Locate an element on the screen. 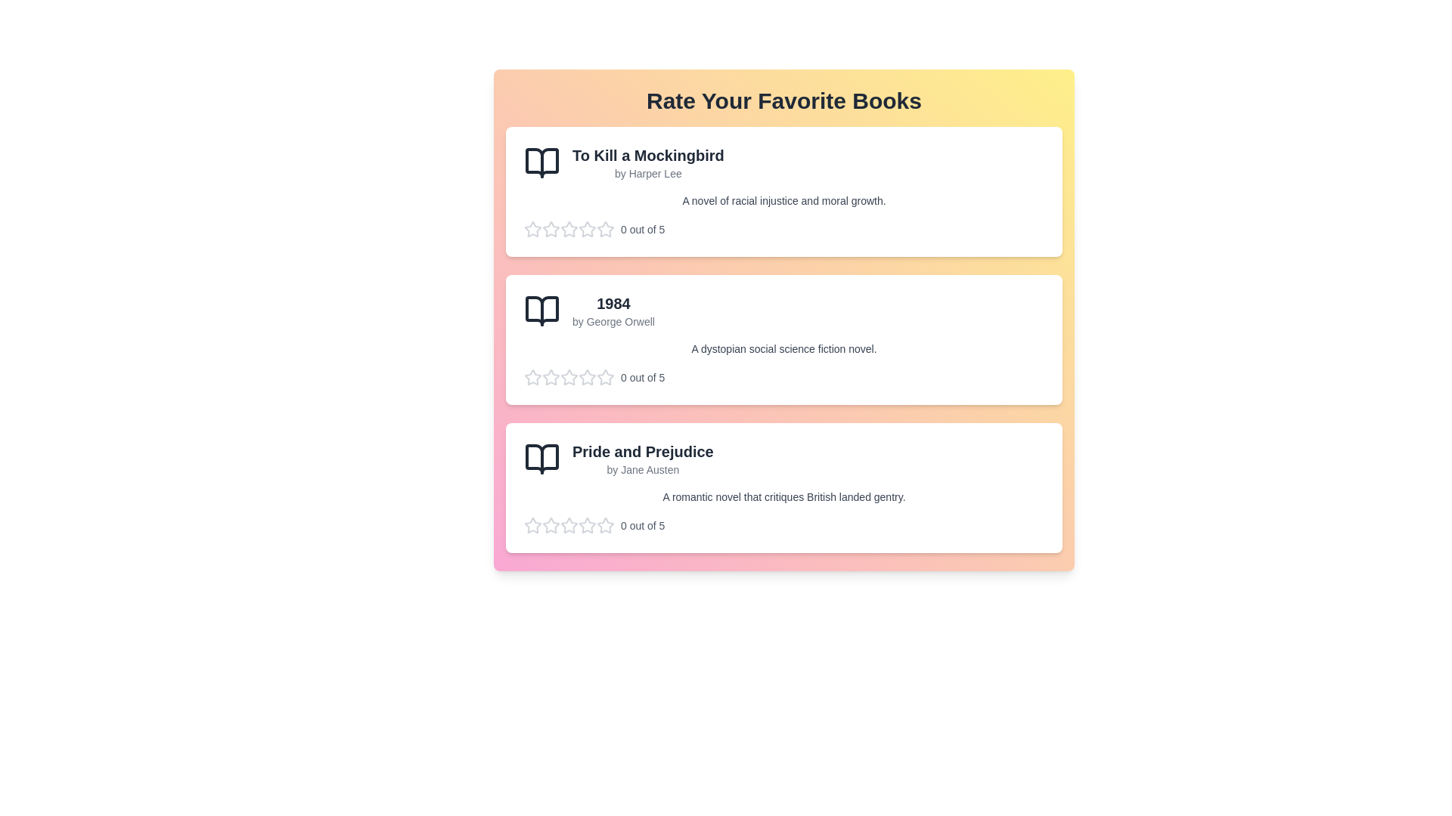  the open book icon located as the leftmost graphical icon within the first card of vertically stacked cards, representing the book being described next to it is located at coordinates (541, 163).